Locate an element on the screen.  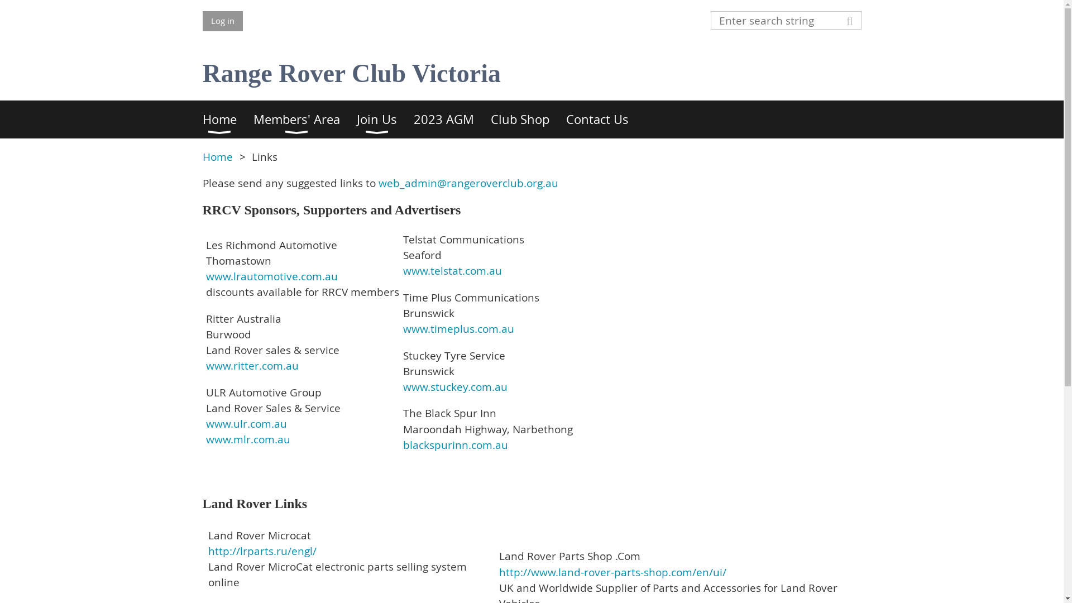
'www.timeplus.com.au' is located at coordinates (402, 328).